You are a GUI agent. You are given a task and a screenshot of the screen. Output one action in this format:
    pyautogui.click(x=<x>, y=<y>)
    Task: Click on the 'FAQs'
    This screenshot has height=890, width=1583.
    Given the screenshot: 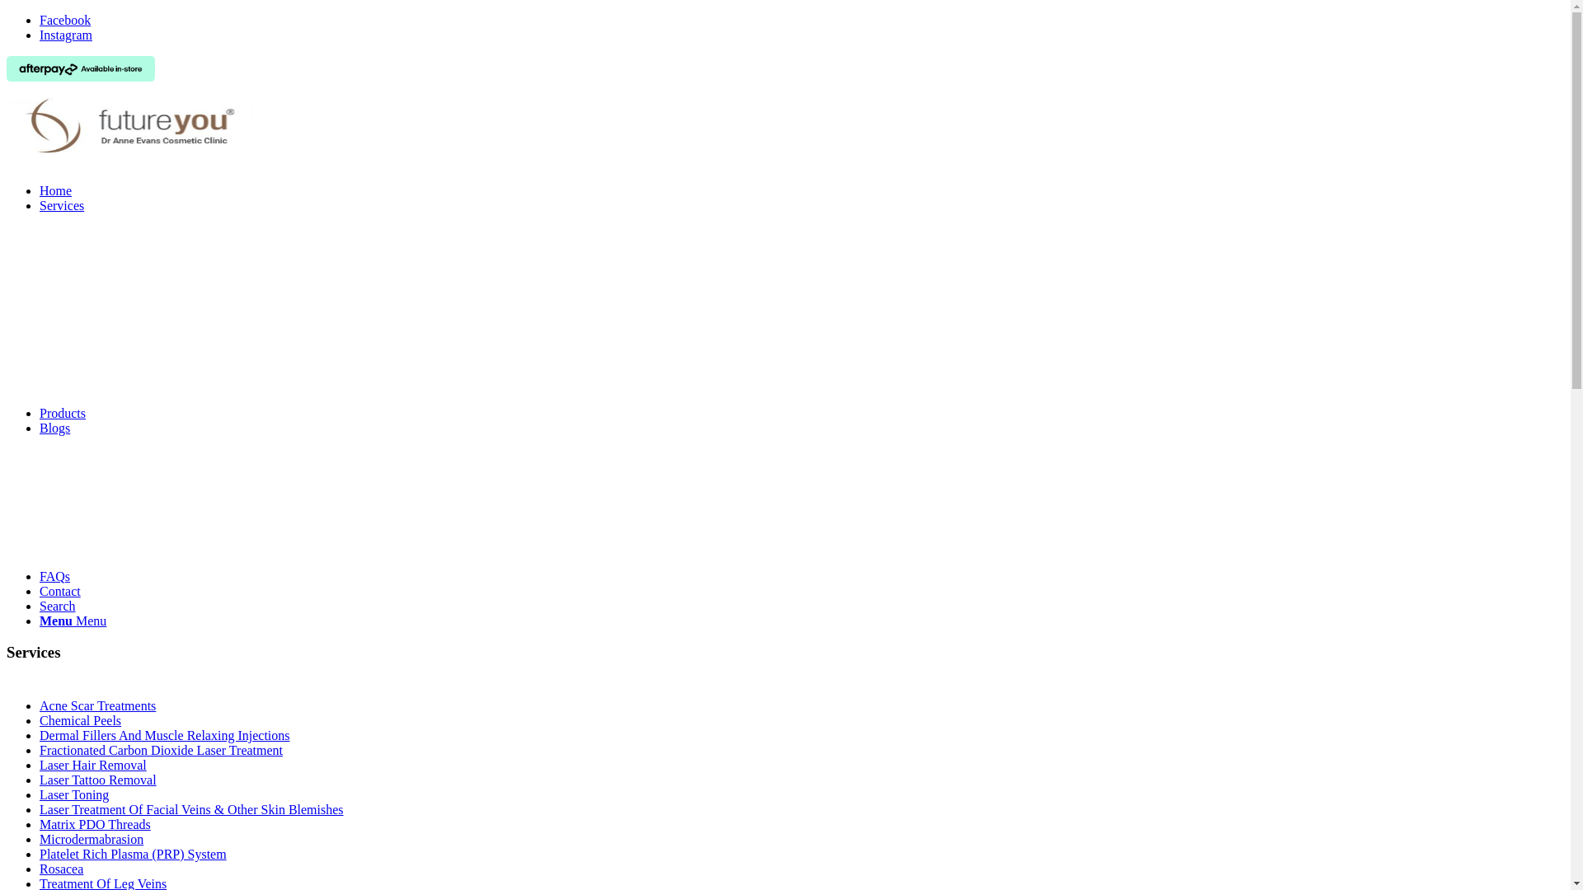 What is the action you would take?
    pyautogui.click(x=54, y=575)
    